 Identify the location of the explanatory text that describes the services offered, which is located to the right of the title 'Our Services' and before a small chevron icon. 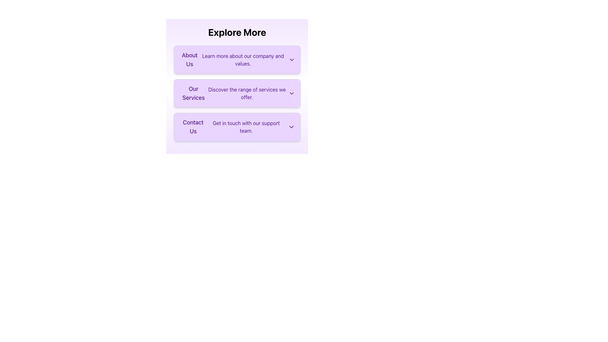
(247, 93).